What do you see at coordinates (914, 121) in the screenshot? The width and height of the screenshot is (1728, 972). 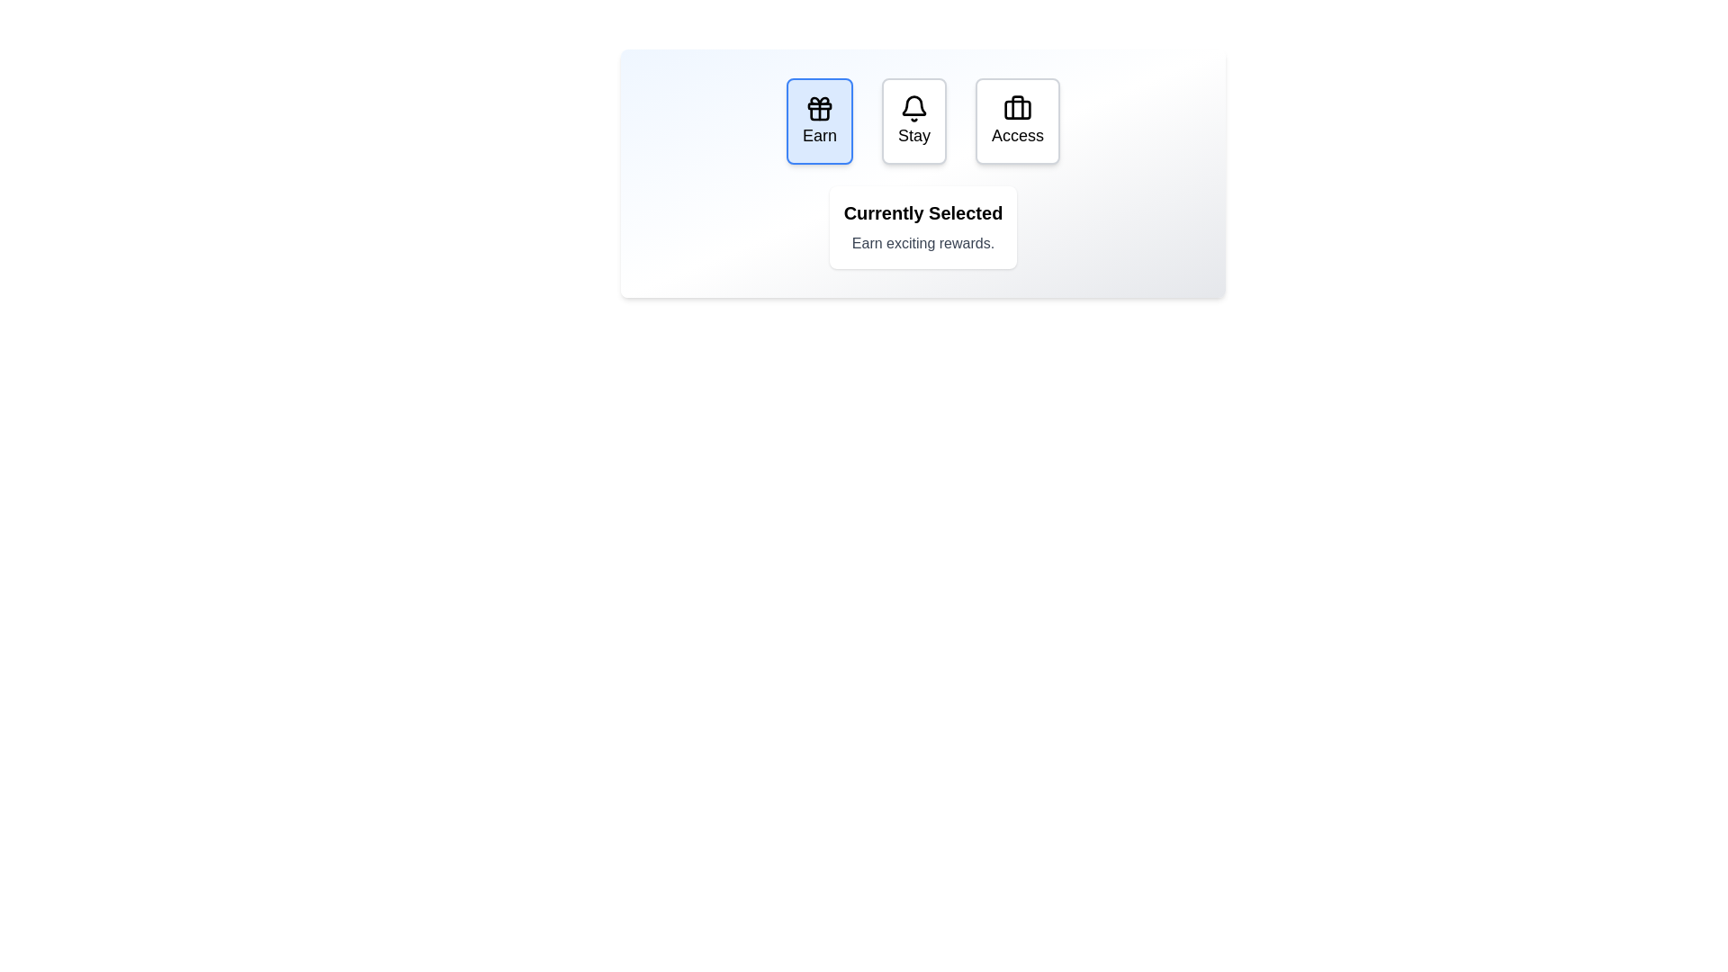 I see `the 'Stay' button` at bounding box center [914, 121].